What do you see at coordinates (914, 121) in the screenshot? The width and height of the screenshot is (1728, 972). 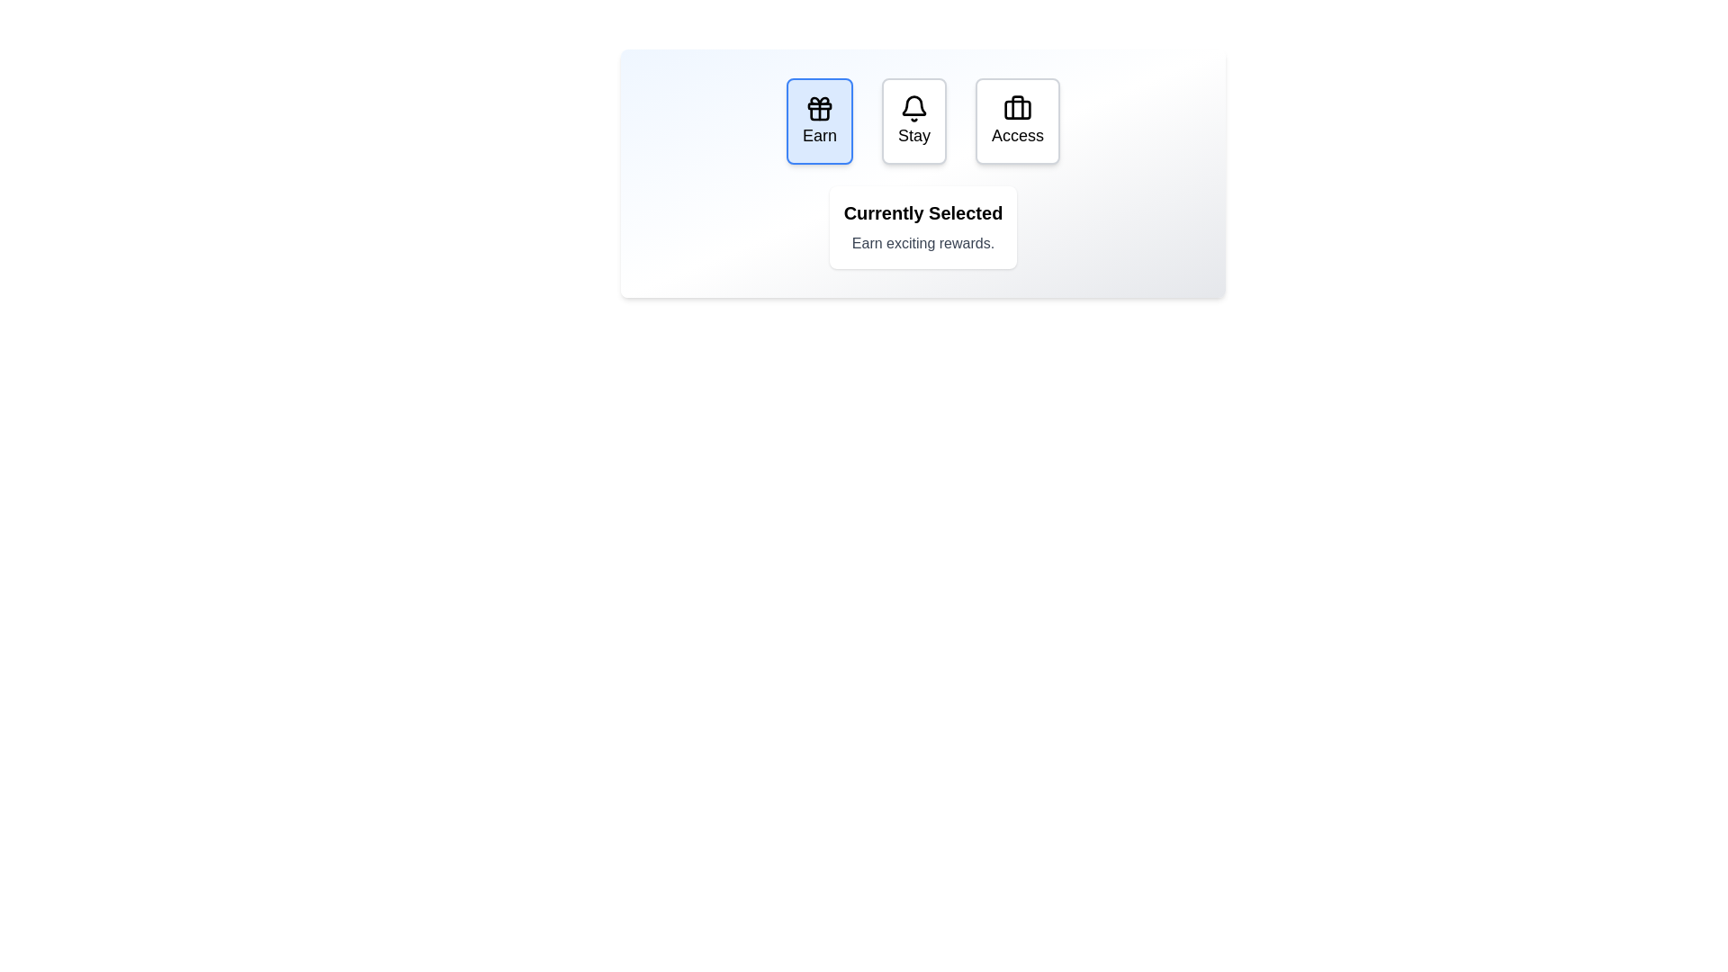 I see `the 'Stay' button` at bounding box center [914, 121].